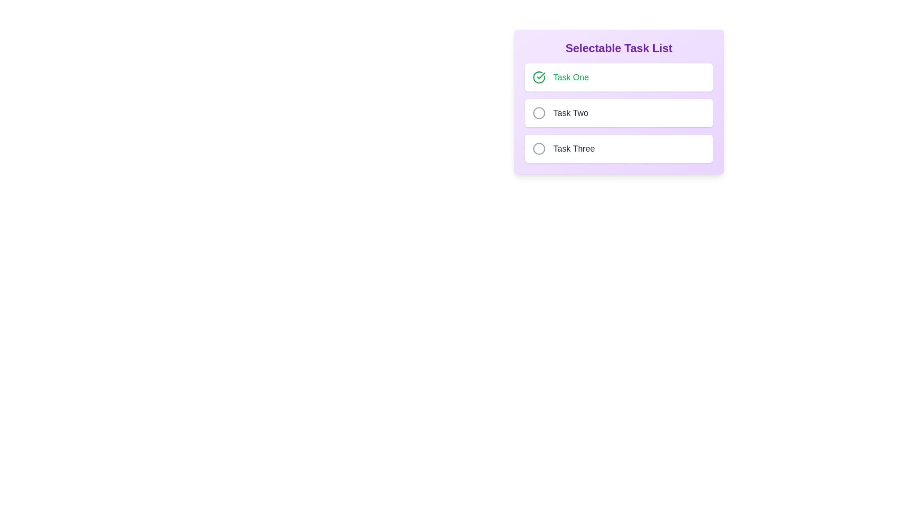 The height and width of the screenshot is (507, 901). Describe the element at coordinates (561, 77) in the screenshot. I see `the first task label with accompanying icon, indicating the currently selected task` at that location.